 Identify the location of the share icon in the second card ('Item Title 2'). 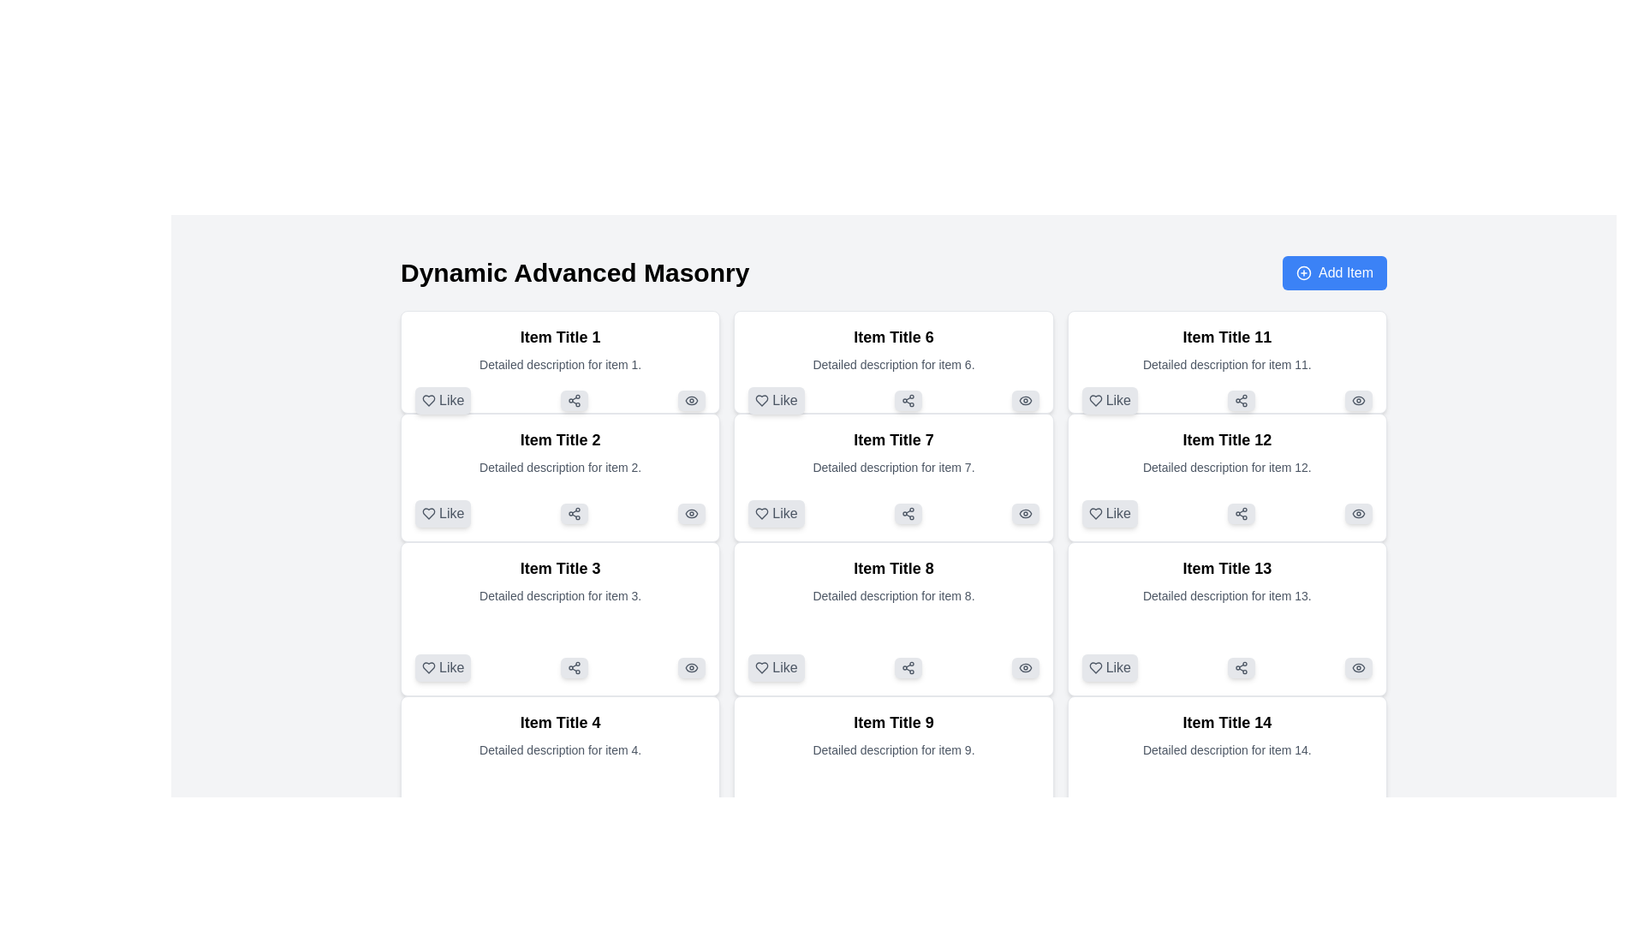
(575, 513).